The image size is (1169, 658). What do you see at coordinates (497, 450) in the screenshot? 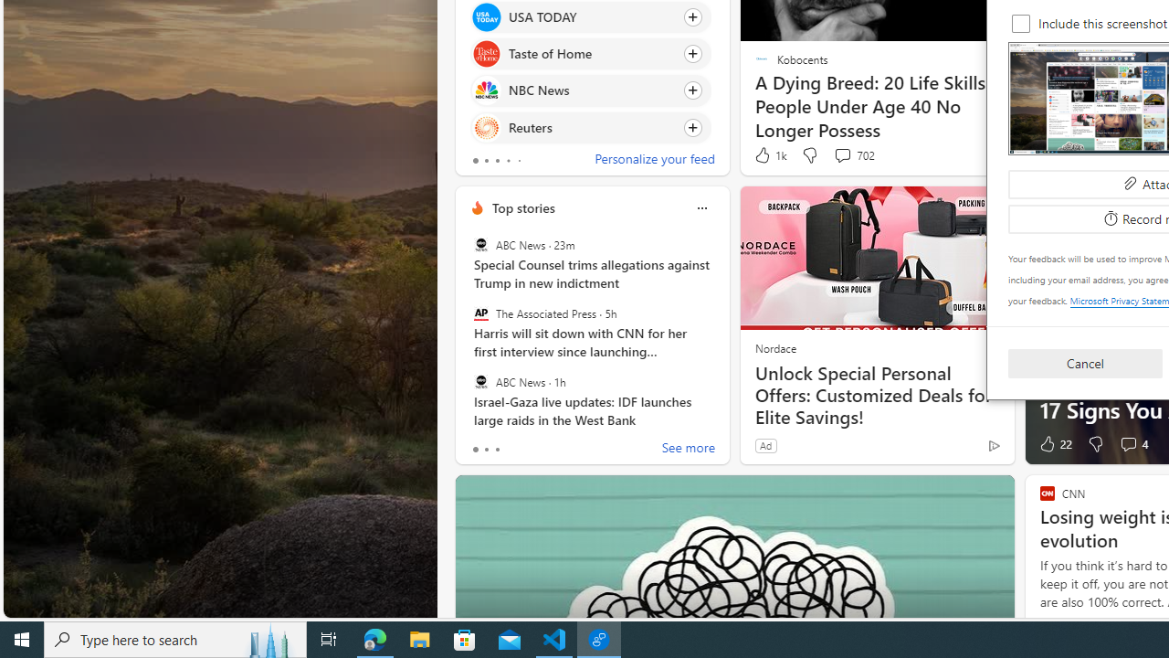
I see `'tab-2'` at bounding box center [497, 450].